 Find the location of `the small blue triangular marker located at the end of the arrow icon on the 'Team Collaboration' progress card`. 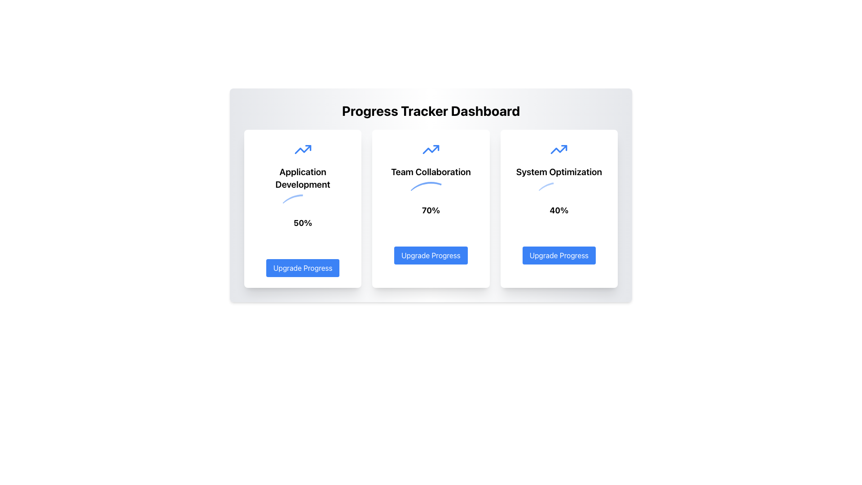

the small blue triangular marker located at the end of the arrow icon on the 'Team Collaboration' progress card is located at coordinates (436, 147).